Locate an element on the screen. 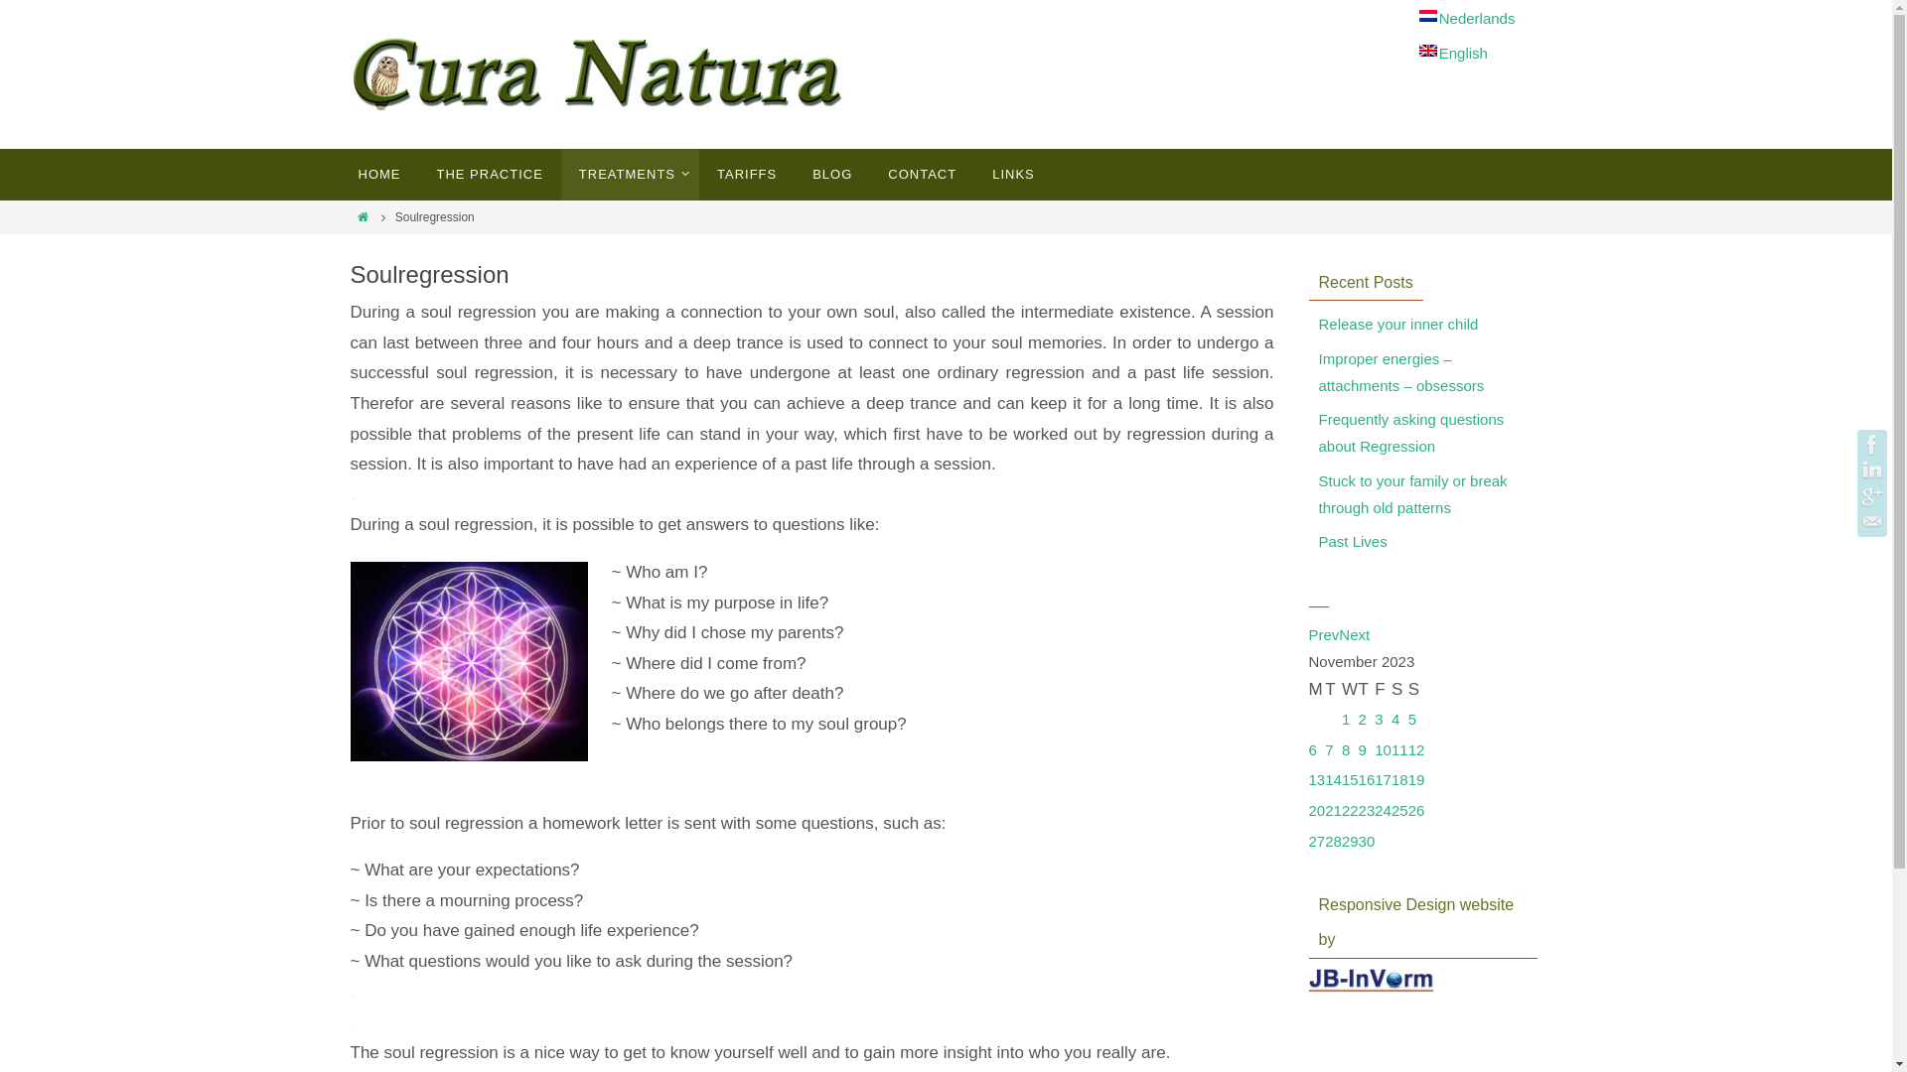 The image size is (1907, 1072). '8' is located at coordinates (1345, 750).